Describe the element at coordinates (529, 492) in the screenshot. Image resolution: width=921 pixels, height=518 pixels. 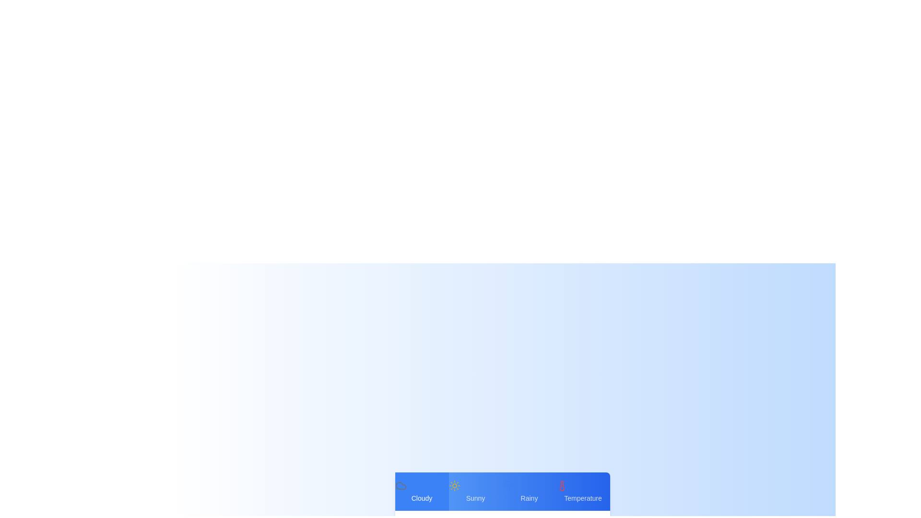
I see `the Rainy weather tab` at that location.